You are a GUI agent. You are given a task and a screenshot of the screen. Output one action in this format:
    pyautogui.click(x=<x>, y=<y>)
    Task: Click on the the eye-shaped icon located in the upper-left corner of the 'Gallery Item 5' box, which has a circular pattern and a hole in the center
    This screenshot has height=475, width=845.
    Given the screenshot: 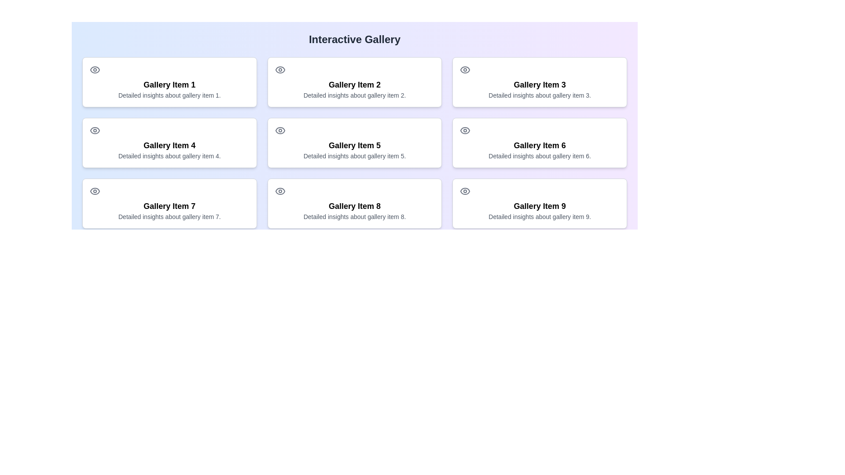 What is the action you would take?
    pyautogui.click(x=279, y=131)
    